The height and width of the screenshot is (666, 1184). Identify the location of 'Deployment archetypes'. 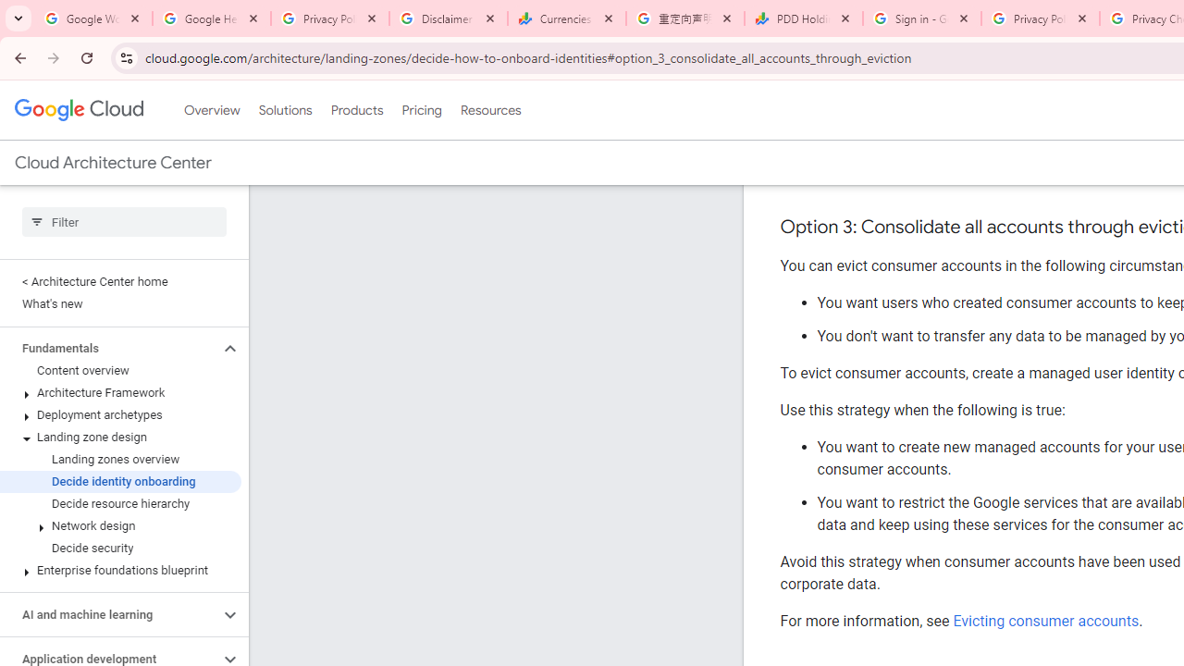
(119, 413).